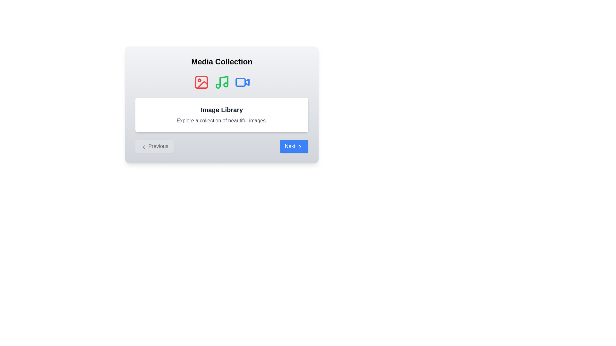 Image resolution: width=616 pixels, height=346 pixels. Describe the element at coordinates (242, 82) in the screenshot. I see `the video icon to select the corresponding media library` at that location.